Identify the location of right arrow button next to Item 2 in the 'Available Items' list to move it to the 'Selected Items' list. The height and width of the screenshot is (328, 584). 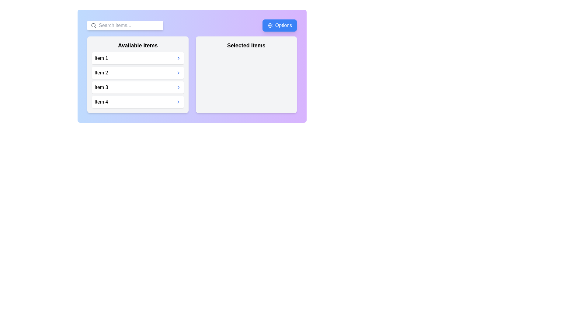
(178, 72).